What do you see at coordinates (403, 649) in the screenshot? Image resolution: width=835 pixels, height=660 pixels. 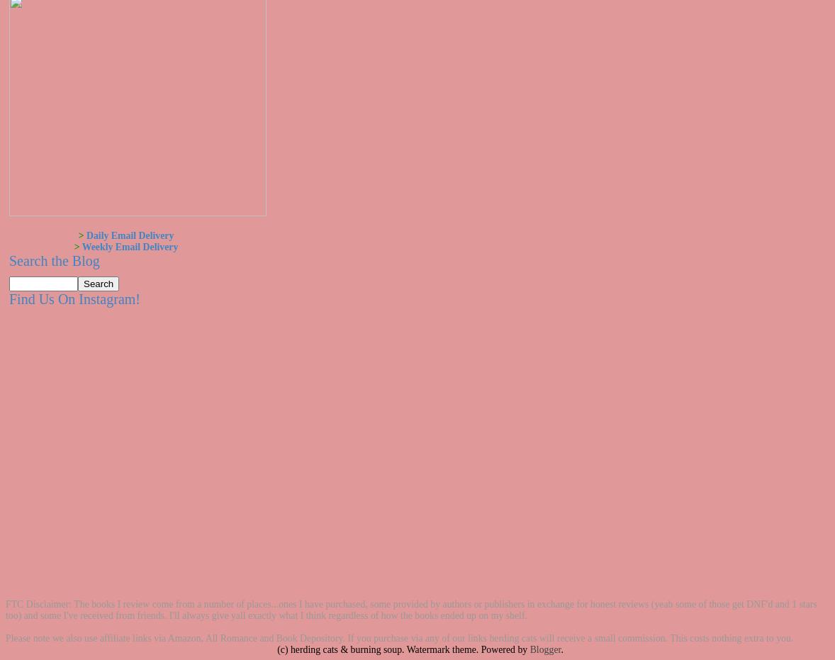 I see `'(c) herding cats & burning soup. Watermark theme. Powered by'` at bounding box center [403, 649].